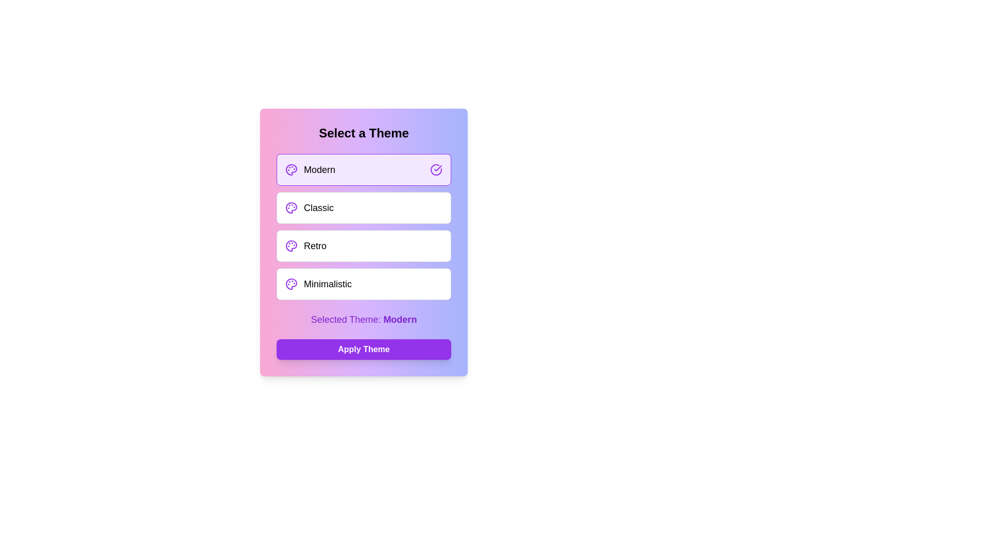 The width and height of the screenshot is (989, 556). I want to click on the 'Classic' theme option icon located in the second row of the theme selection list, adjacent to the 'Classic' label, so click(291, 208).